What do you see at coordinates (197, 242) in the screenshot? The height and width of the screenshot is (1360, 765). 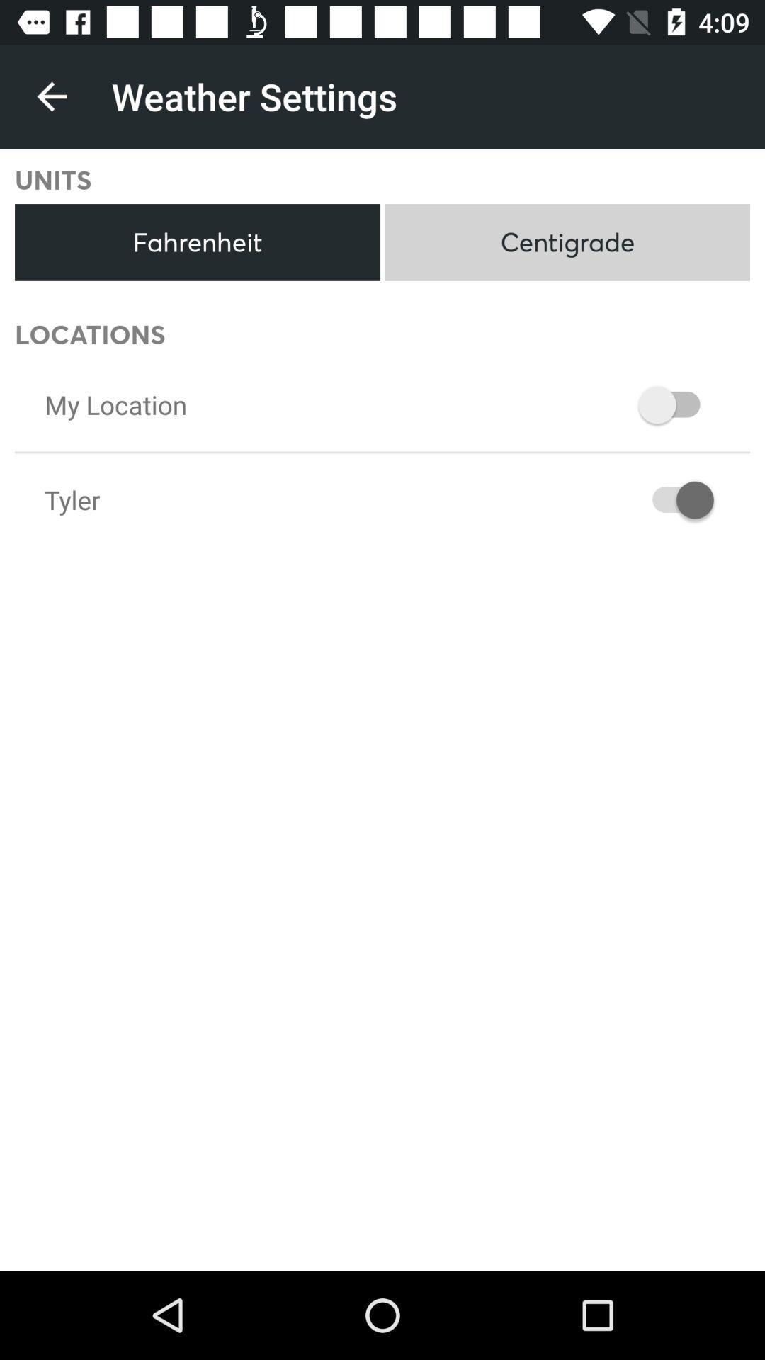 I see `the icon to the left of the centigrade item` at bounding box center [197, 242].